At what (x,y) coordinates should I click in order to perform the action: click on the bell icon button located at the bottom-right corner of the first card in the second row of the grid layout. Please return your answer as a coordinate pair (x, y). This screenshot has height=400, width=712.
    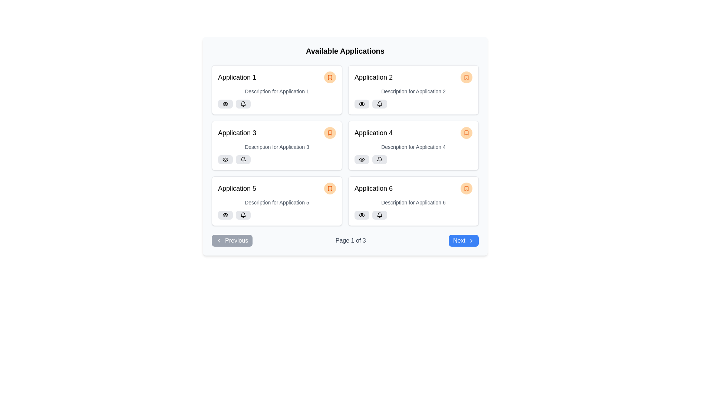
    Looking at the image, I should click on (379, 159).